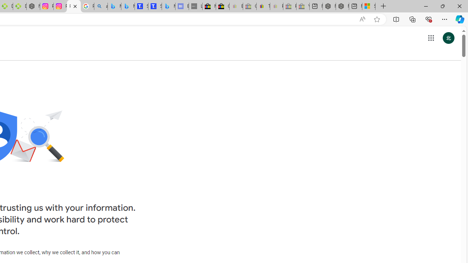 The height and width of the screenshot is (263, 468). What do you see at coordinates (154, 6) in the screenshot?
I see `'Shangri-La Bangkok, Hotel reviews and Room rates'` at bounding box center [154, 6].